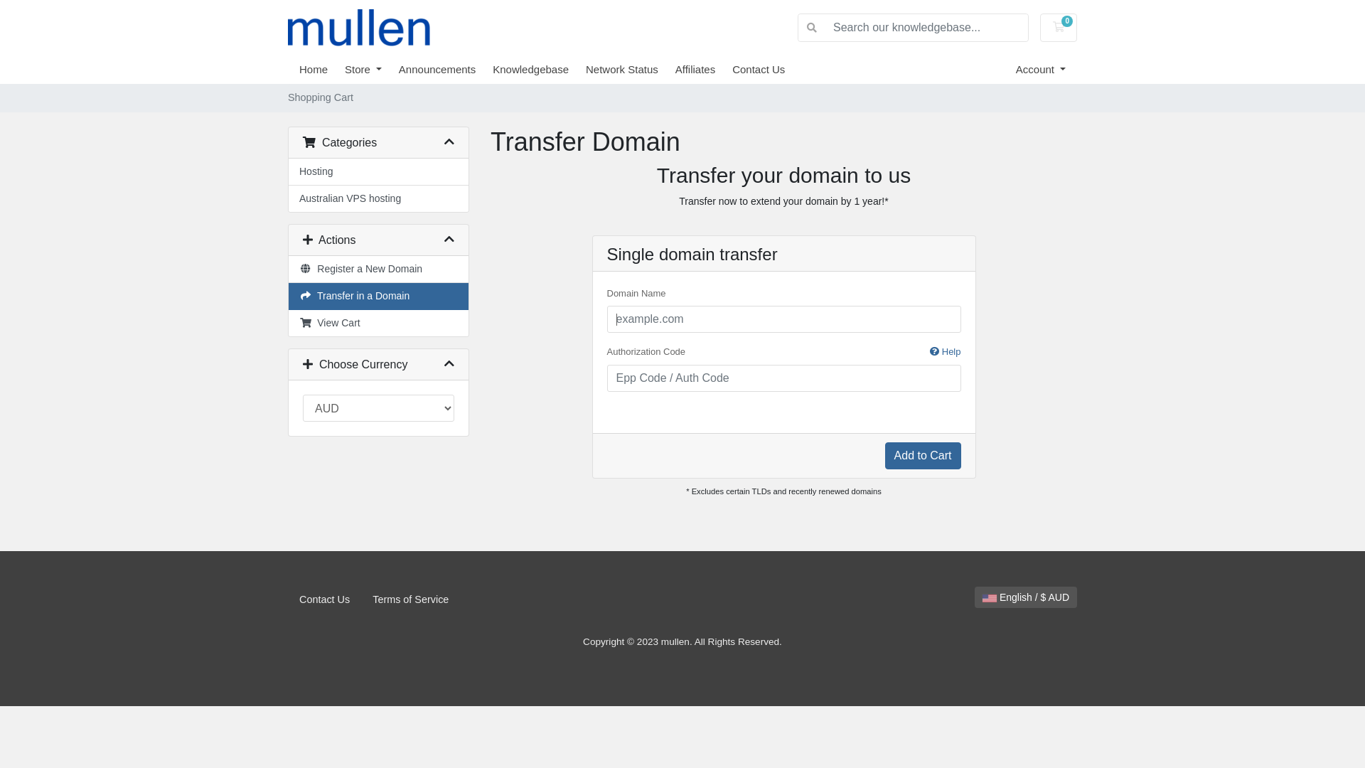  I want to click on '  Register a New Domain', so click(378, 269).